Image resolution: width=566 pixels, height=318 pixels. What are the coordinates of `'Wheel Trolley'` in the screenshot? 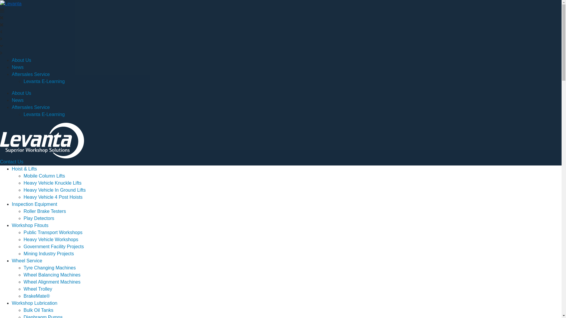 It's located at (37, 289).